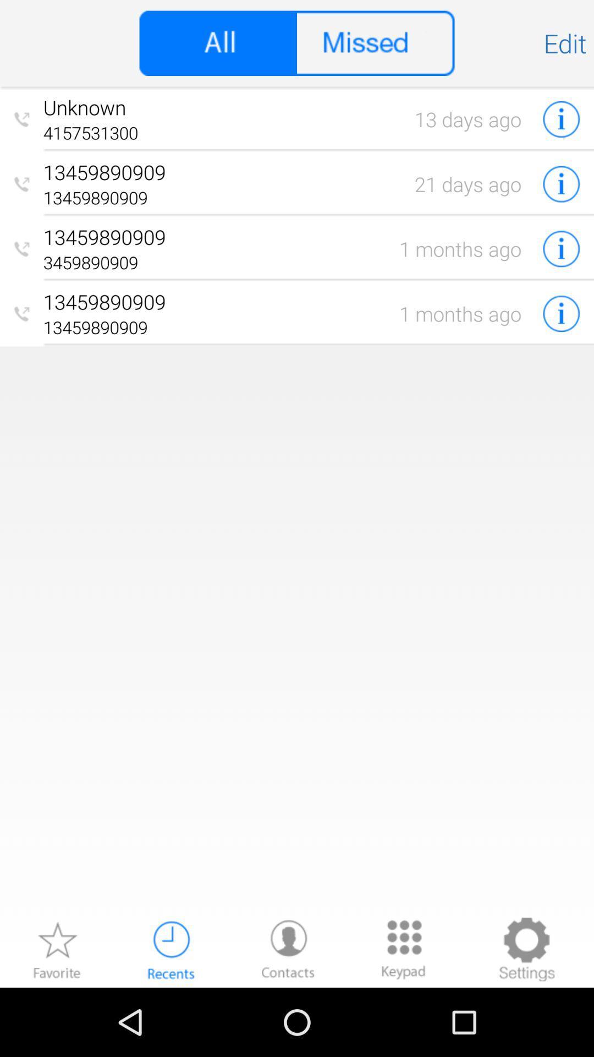 Image resolution: width=594 pixels, height=1057 pixels. Describe the element at coordinates (403, 1015) in the screenshot. I see `the dialpad icon` at that location.